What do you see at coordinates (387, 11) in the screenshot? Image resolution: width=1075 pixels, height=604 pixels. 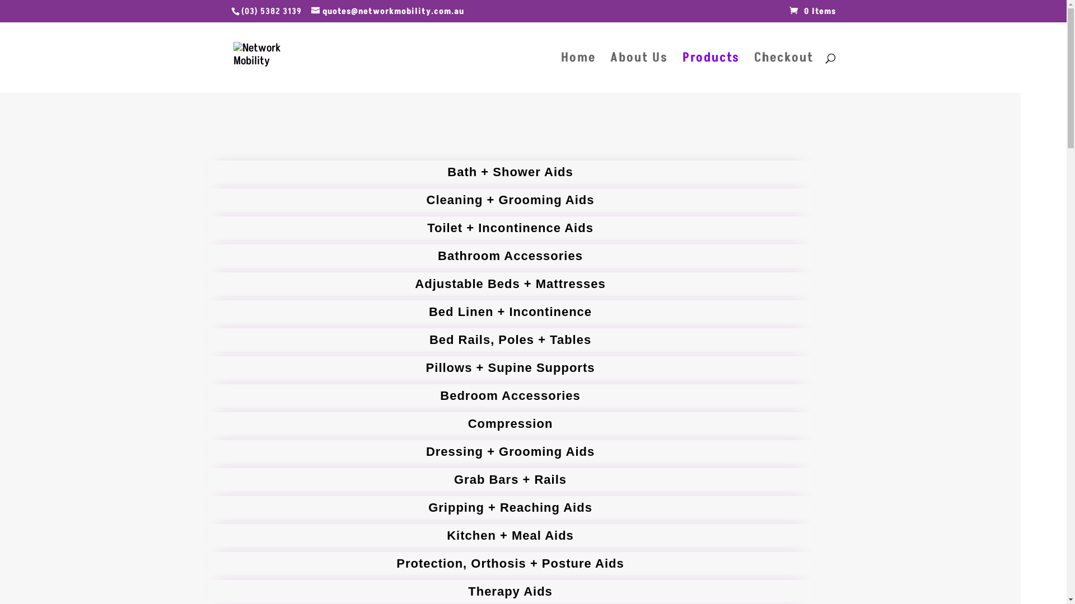 I see `'quotes@networkmobility.com.au'` at bounding box center [387, 11].